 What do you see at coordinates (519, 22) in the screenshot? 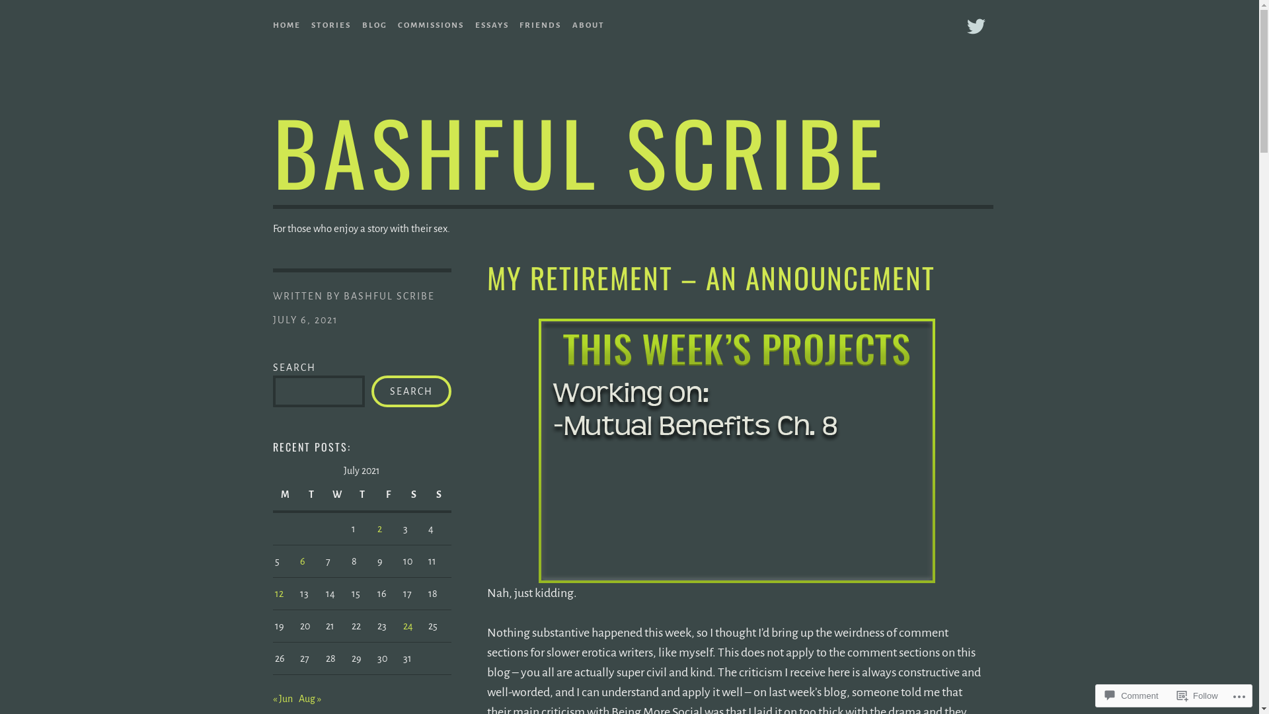
I see `'FRIENDS'` at bounding box center [519, 22].